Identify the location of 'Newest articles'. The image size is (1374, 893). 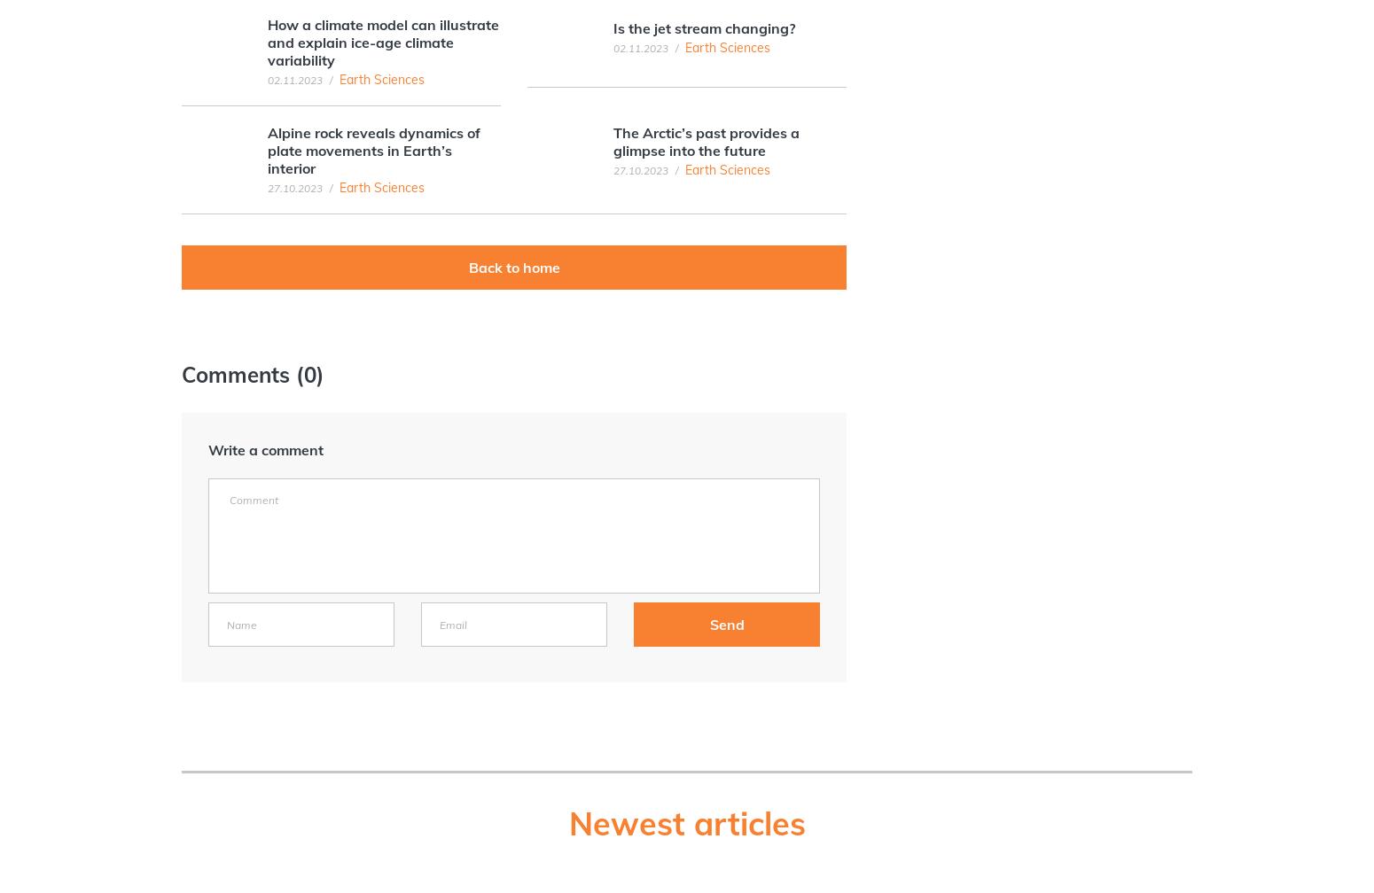
(566, 823).